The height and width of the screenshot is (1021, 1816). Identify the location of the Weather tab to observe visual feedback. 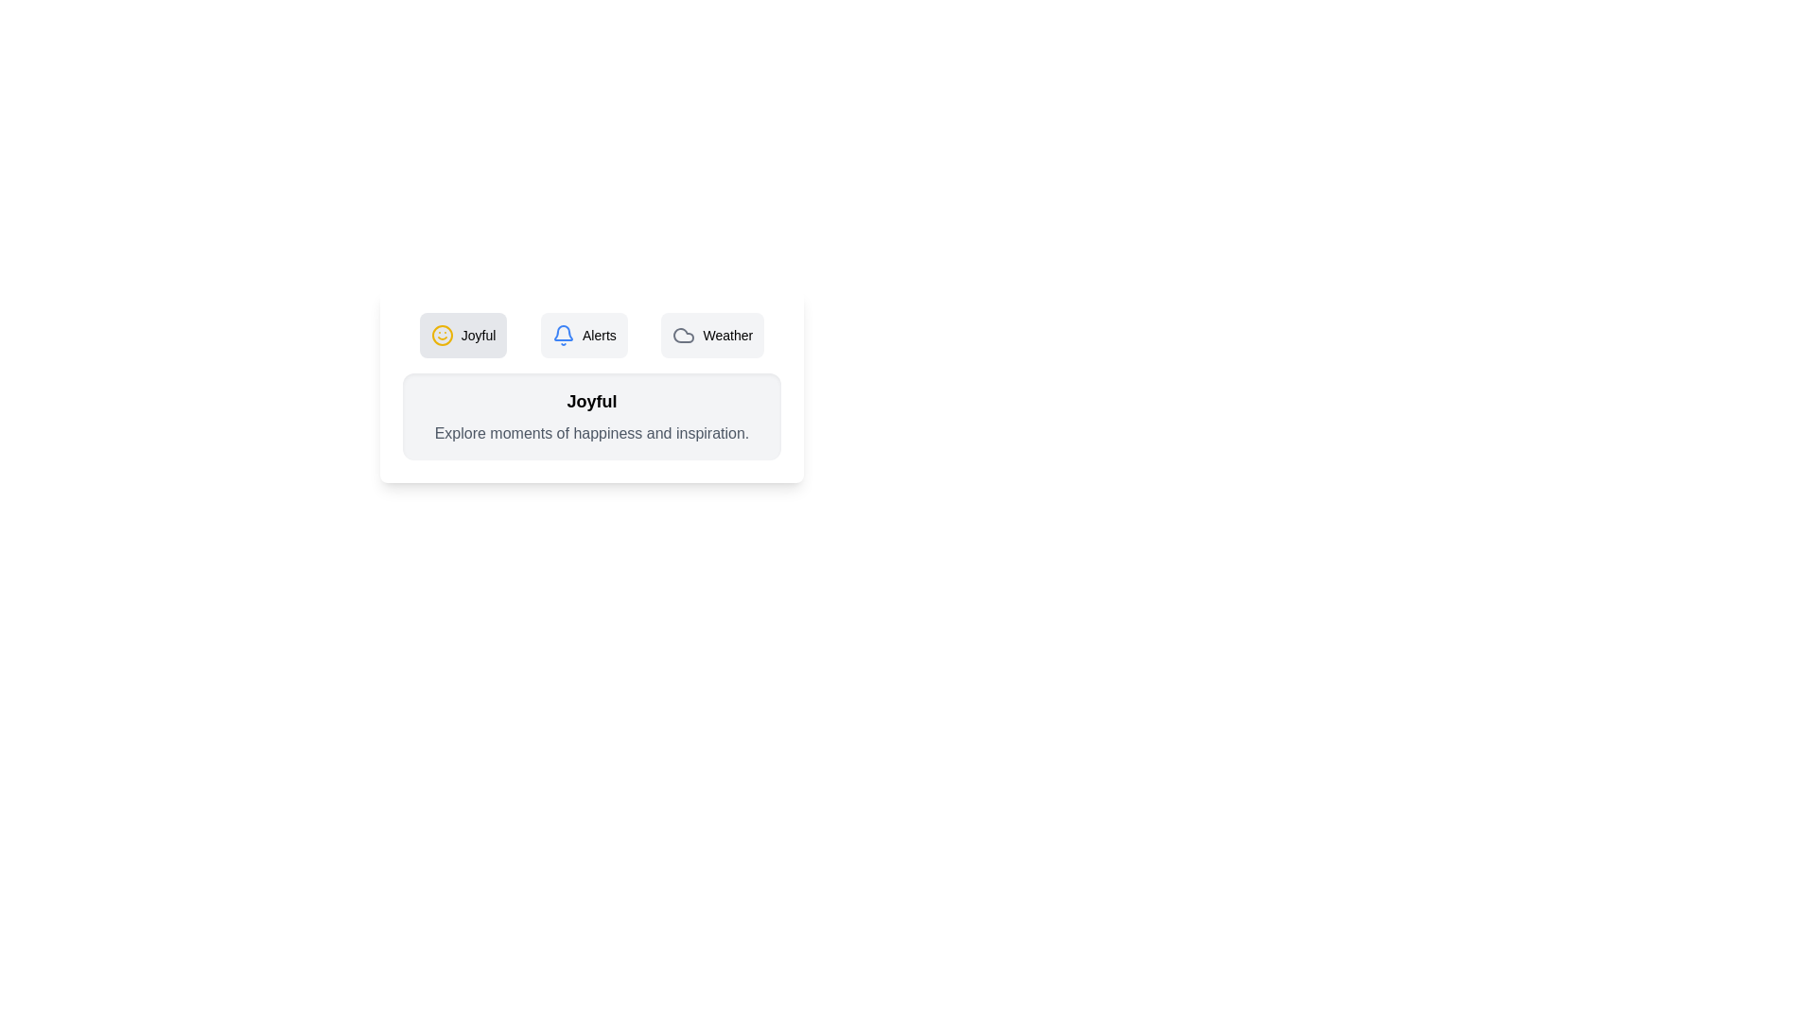
(711, 334).